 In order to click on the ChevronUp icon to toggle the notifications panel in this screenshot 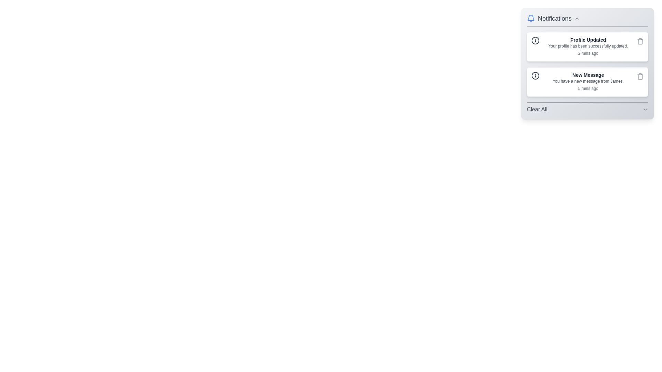, I will do `click(577, 18)`.